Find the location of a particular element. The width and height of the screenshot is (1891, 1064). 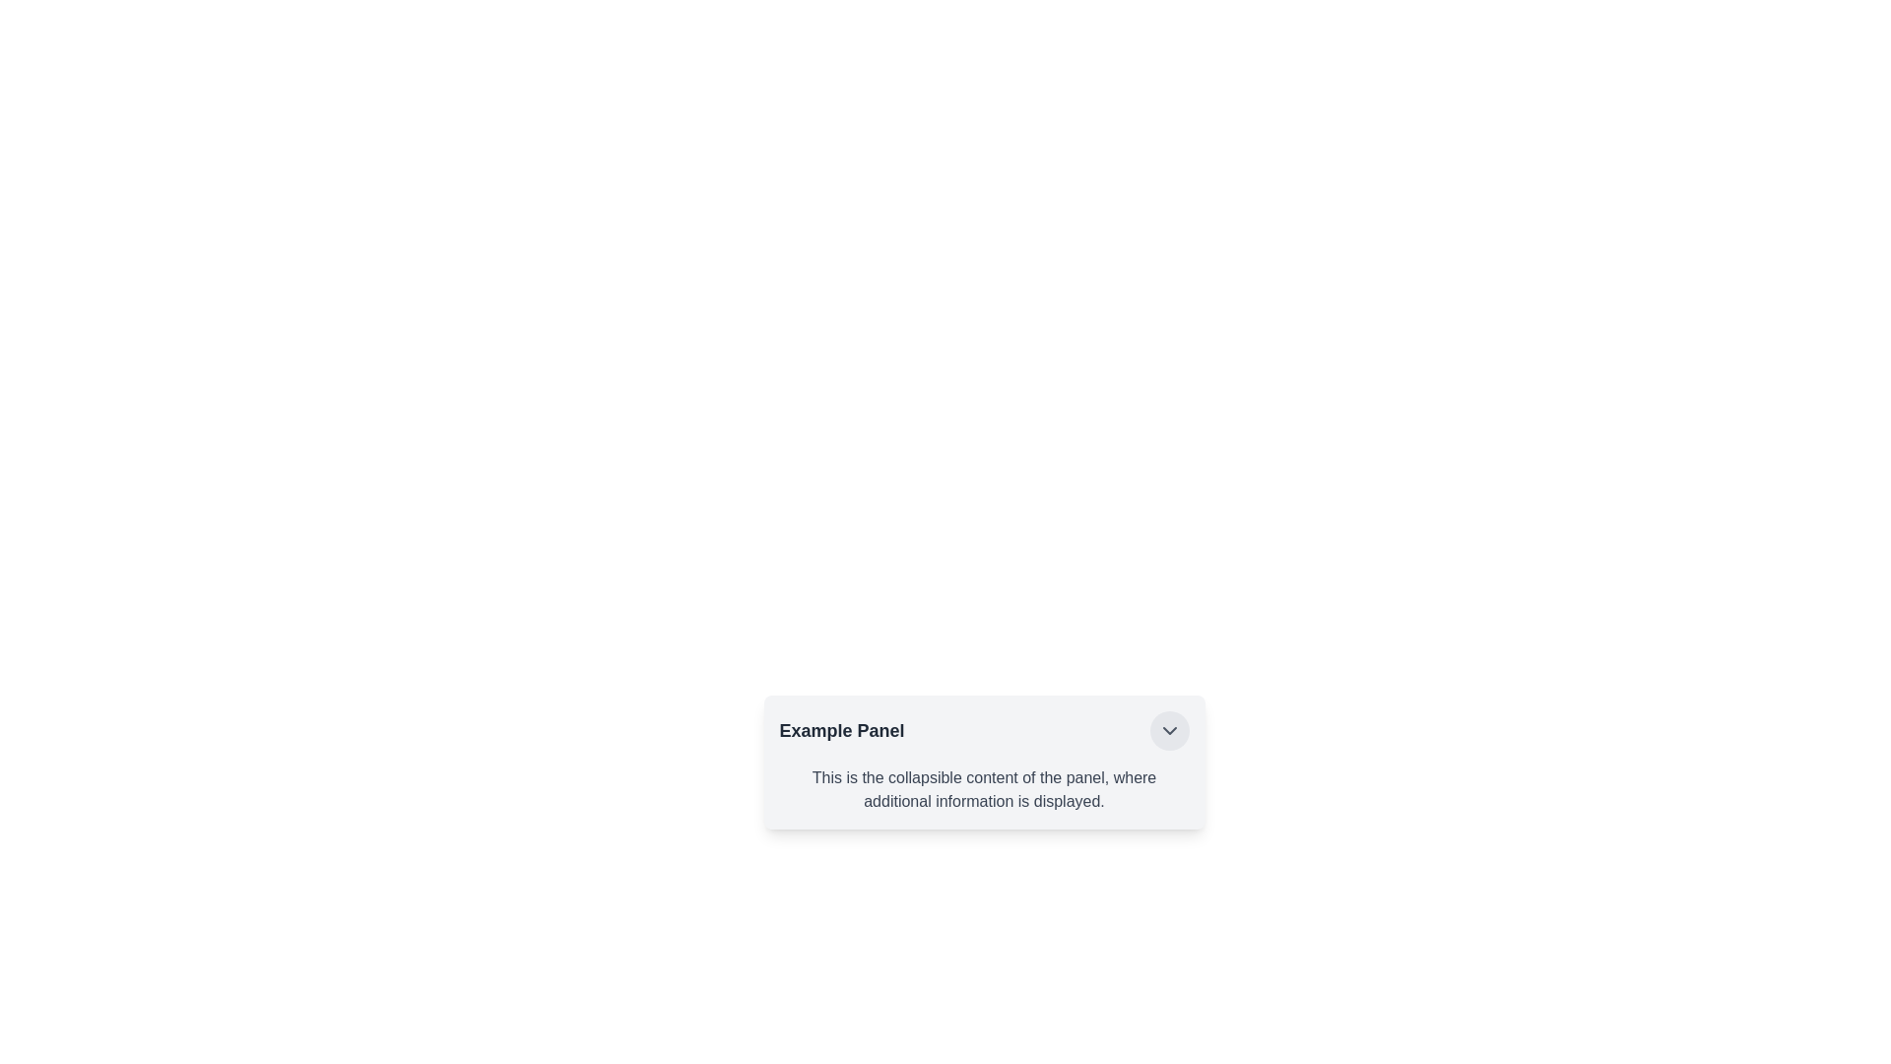

the gray text component that provides additional information inside the collapsible panel, positioned below the header 'Example Panel' is located at coordinates (984, 789).